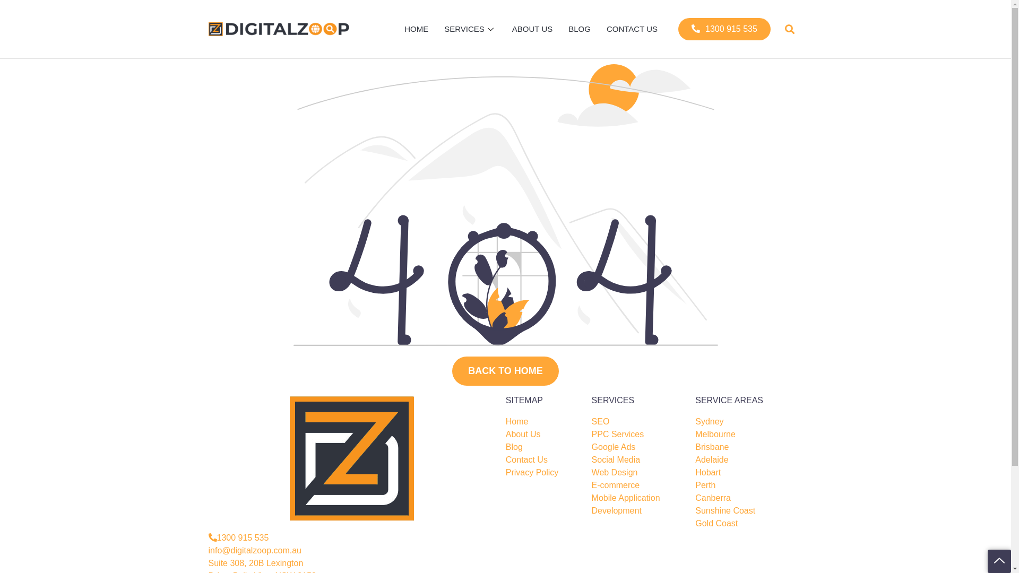 The height and width of the screenshot is (573, 1019). Describe the element at coordinates (452, 370) in the screenshot. I see `'BACK TO HOME'` at that location.